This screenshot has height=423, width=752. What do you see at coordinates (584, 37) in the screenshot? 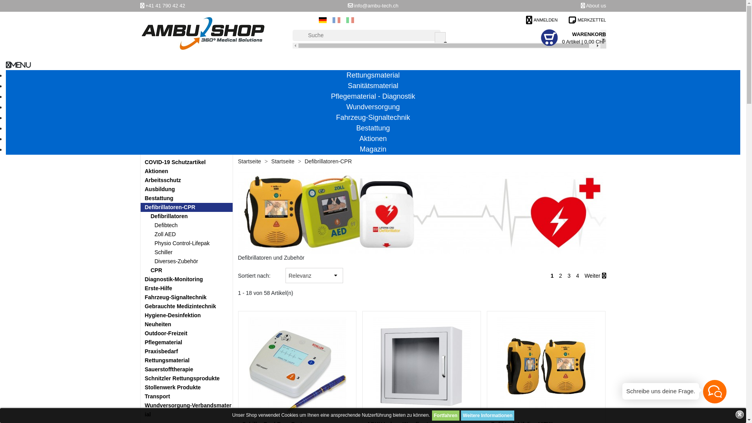
I see `'WARENKORB` at bounding box center [584, 37].